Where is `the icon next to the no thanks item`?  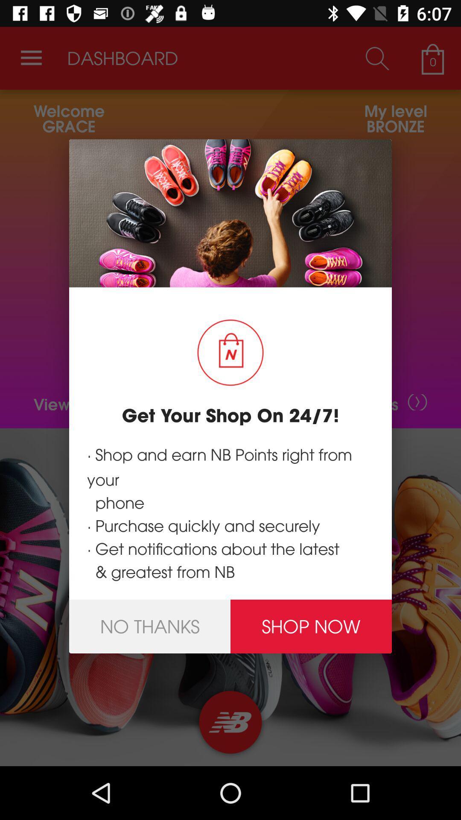
the icon next to the no thanks item is located at coordinates (311, 627).